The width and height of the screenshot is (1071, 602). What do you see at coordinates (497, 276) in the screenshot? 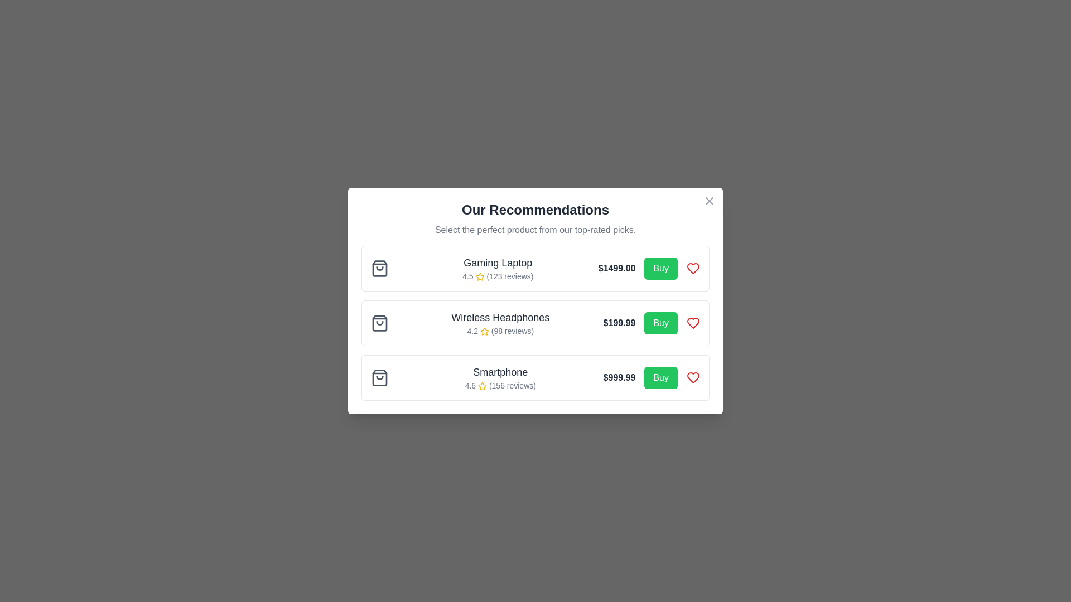
I see `the text with icon that provides user rating and review count information for the product 'Gaming Laptop'` at bounding box center [497, 276].